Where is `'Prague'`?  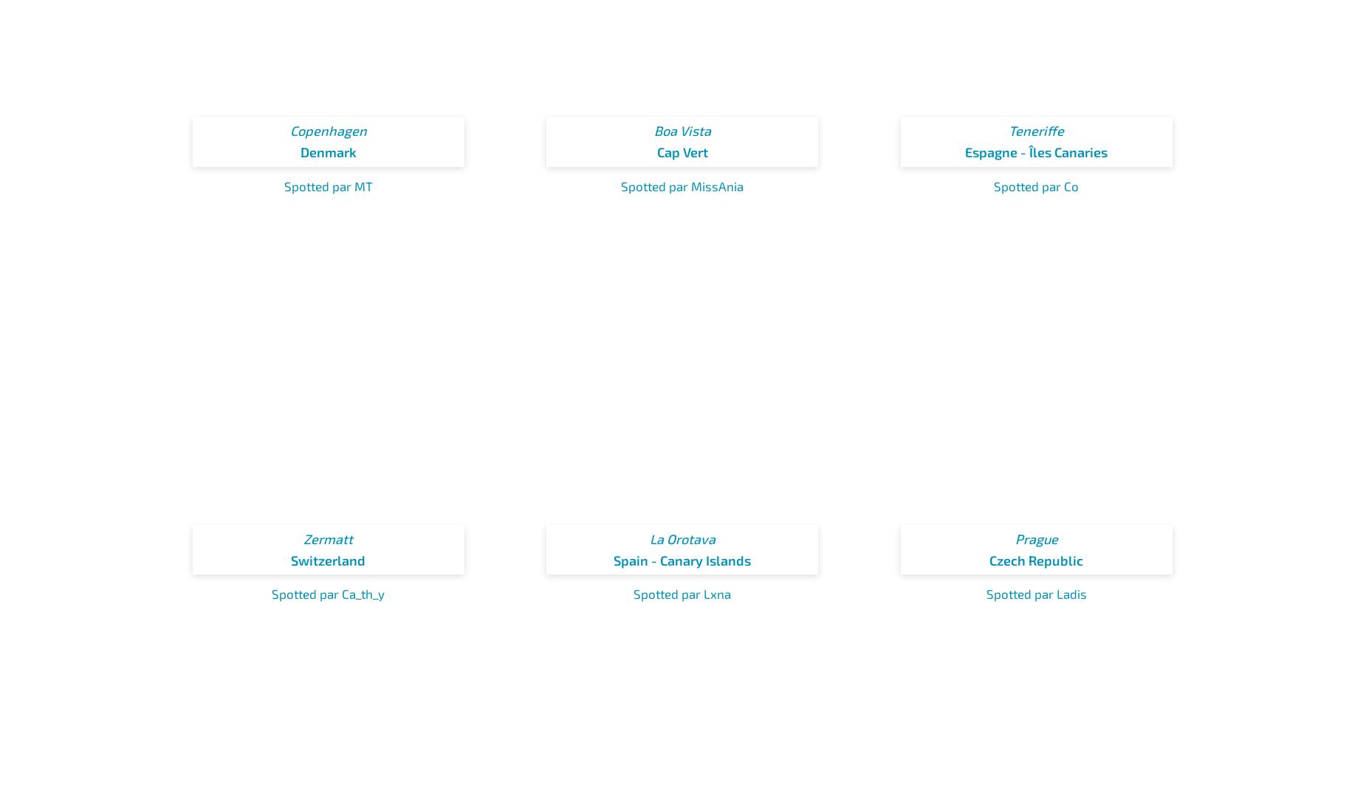 'Prague' is located at coordinates (1013, 538).